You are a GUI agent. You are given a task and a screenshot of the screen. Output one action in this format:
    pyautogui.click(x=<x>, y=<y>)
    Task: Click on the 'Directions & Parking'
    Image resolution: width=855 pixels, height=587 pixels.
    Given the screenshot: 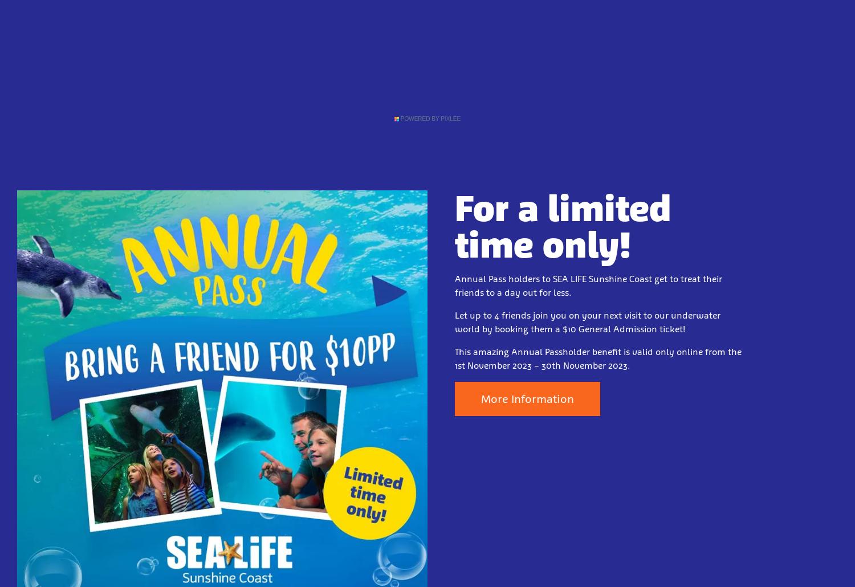 What is the action you would take?
    pyautogui.click(x=282, y=102)
    